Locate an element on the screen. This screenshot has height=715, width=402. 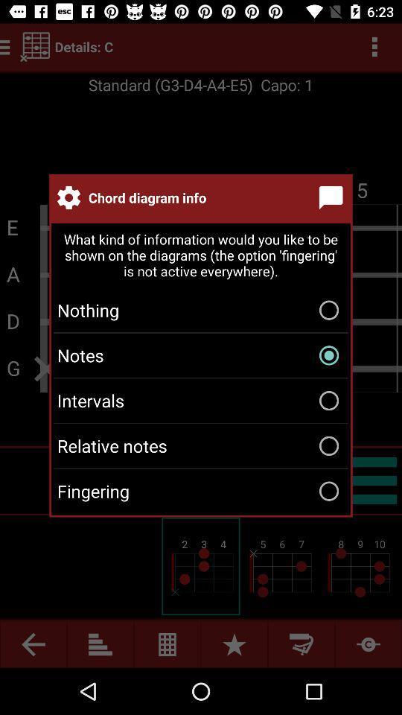
the intervals icon is located at coordinates (201, 400).